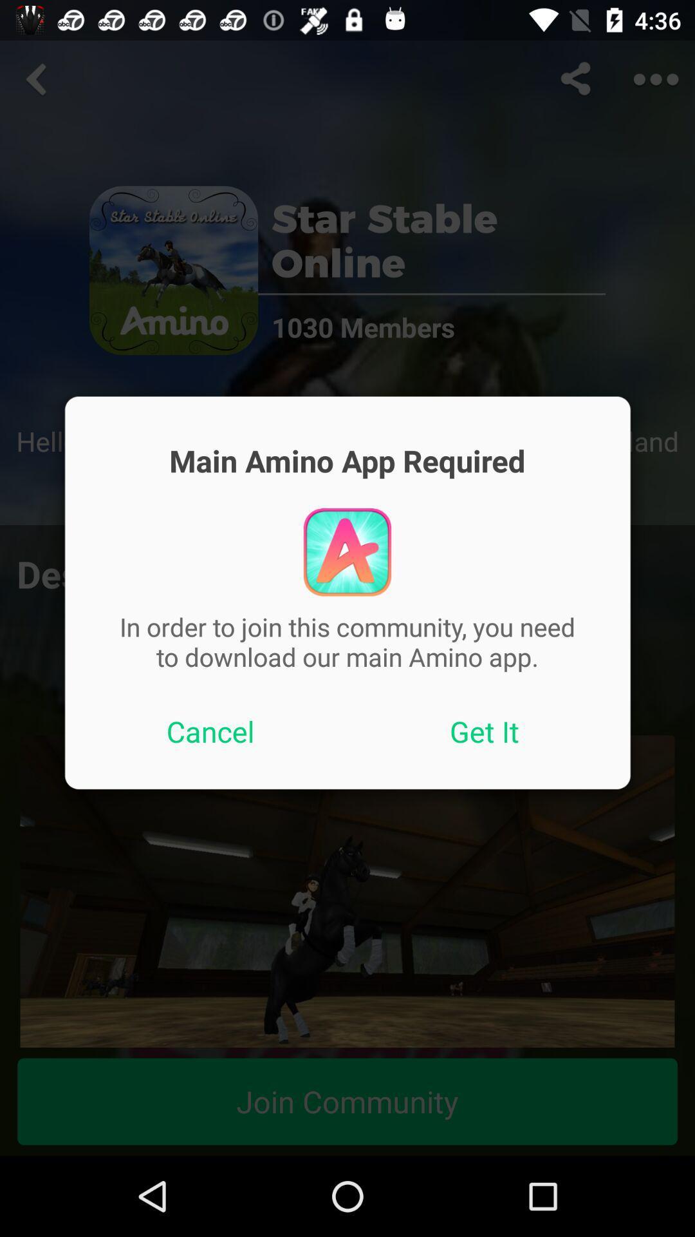 Image resolution: width=695 pixels, height=1237 pixels. What do you see at coordinates (210, 731) in the screenshot?
I see `the cancel icon` at bounding box center [210, 731].